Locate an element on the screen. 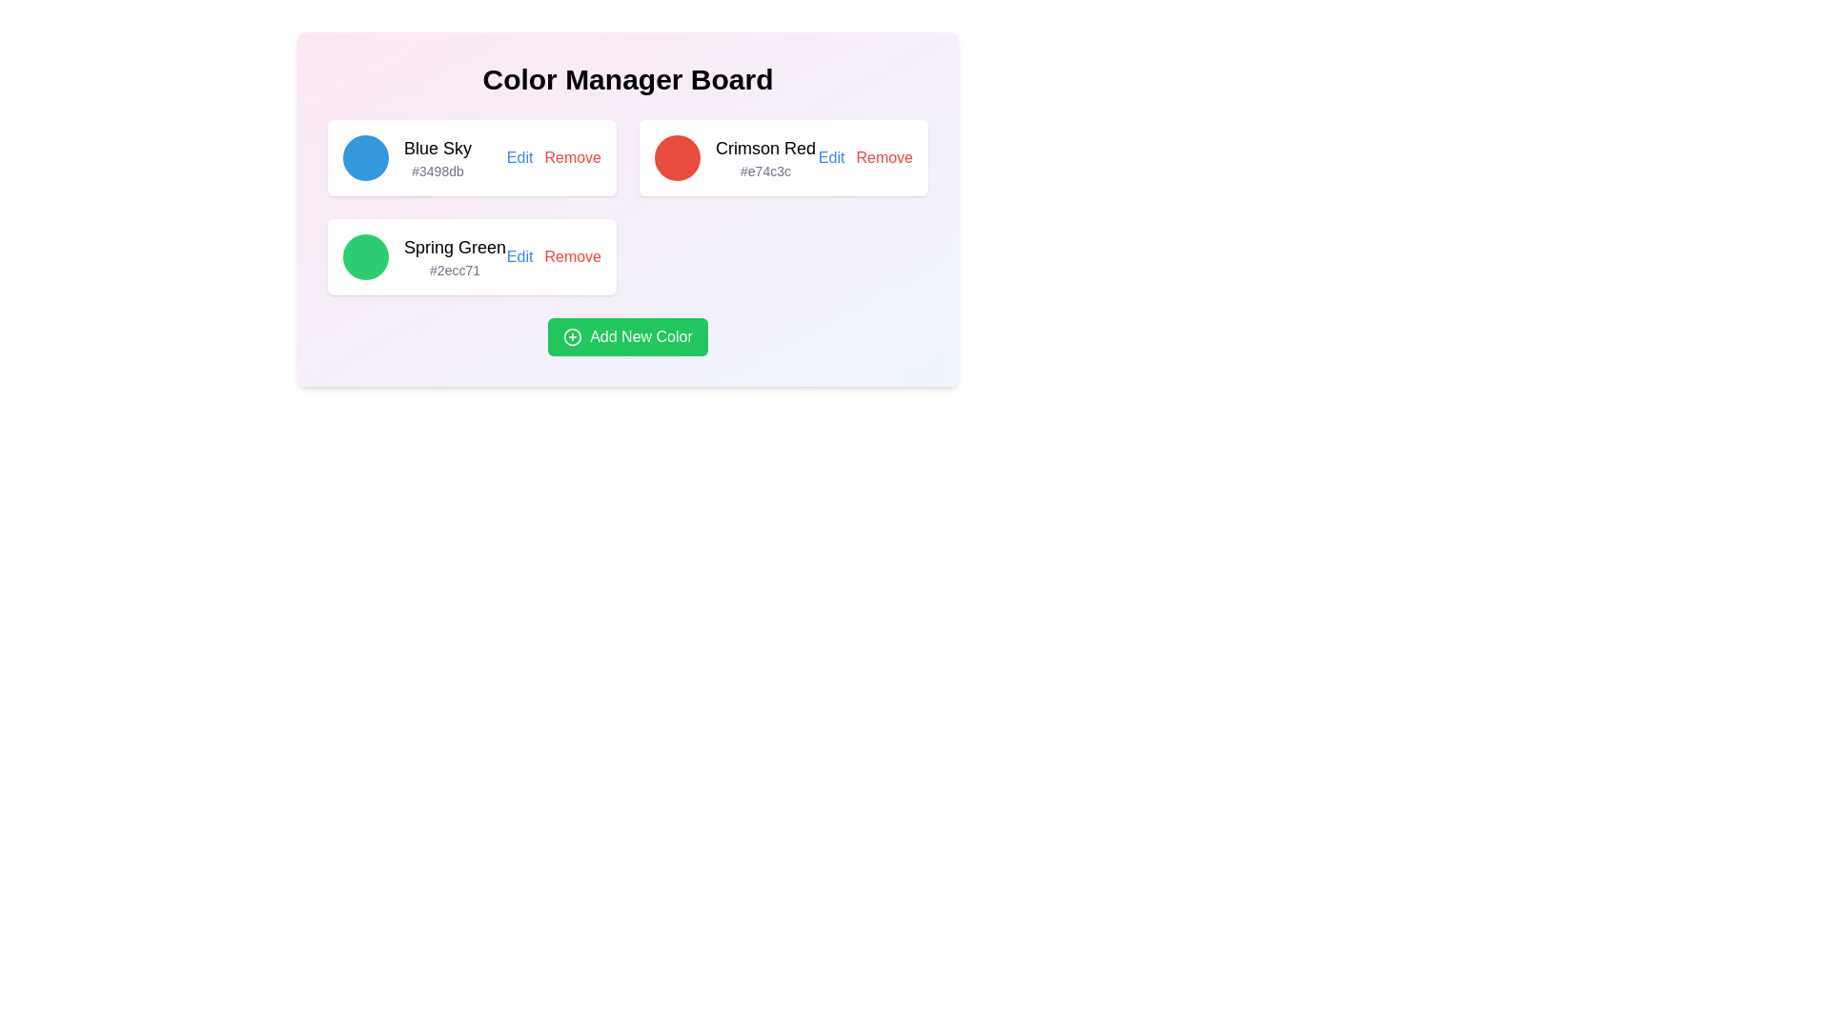 This screenshot has width=1830, height=1029. the first interactive link is located at coordinates (519, 156).